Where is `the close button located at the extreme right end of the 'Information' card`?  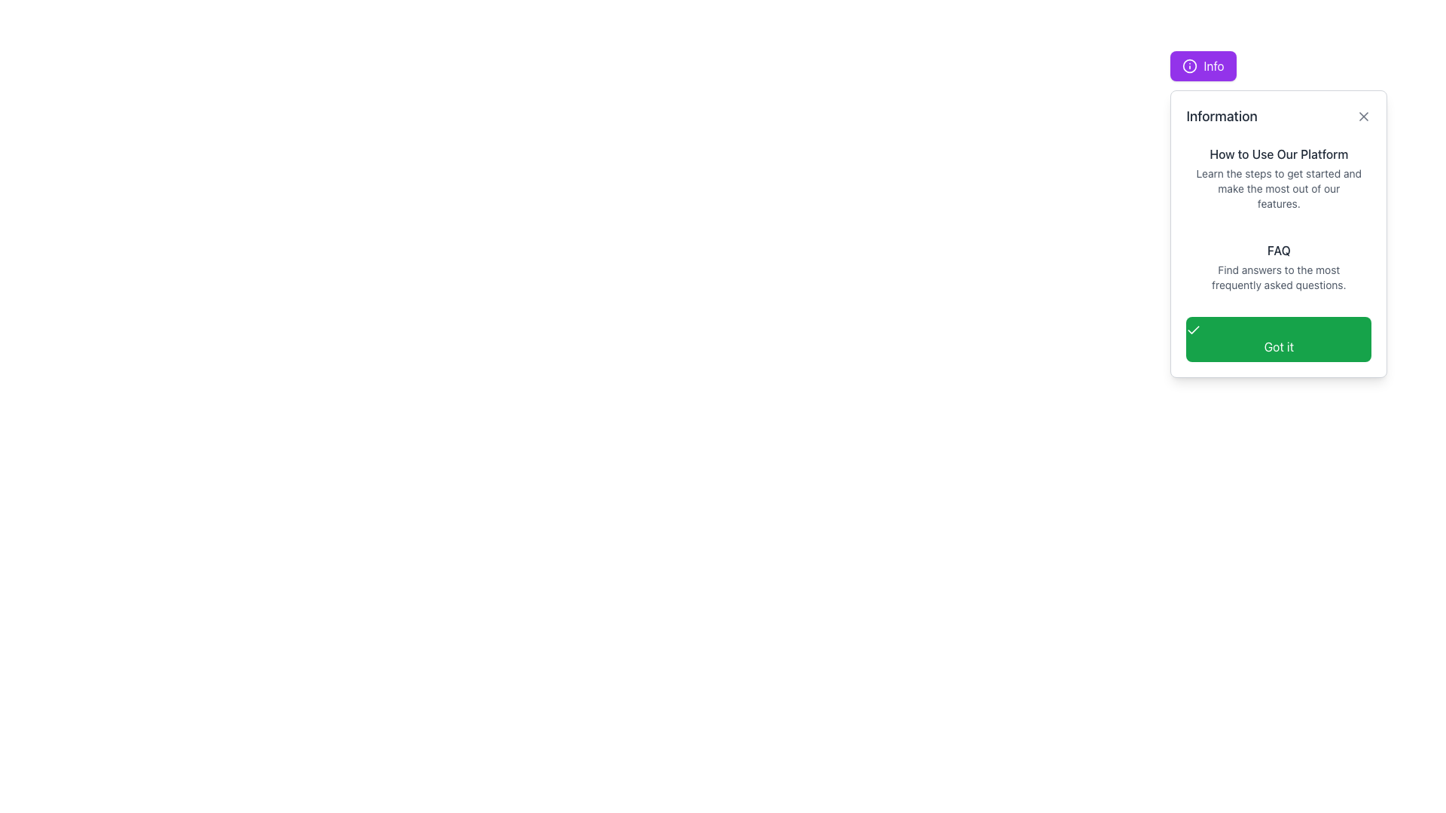 the close button located at the extreme right end of the 'Information' card is located at coordinates (1364, 115).